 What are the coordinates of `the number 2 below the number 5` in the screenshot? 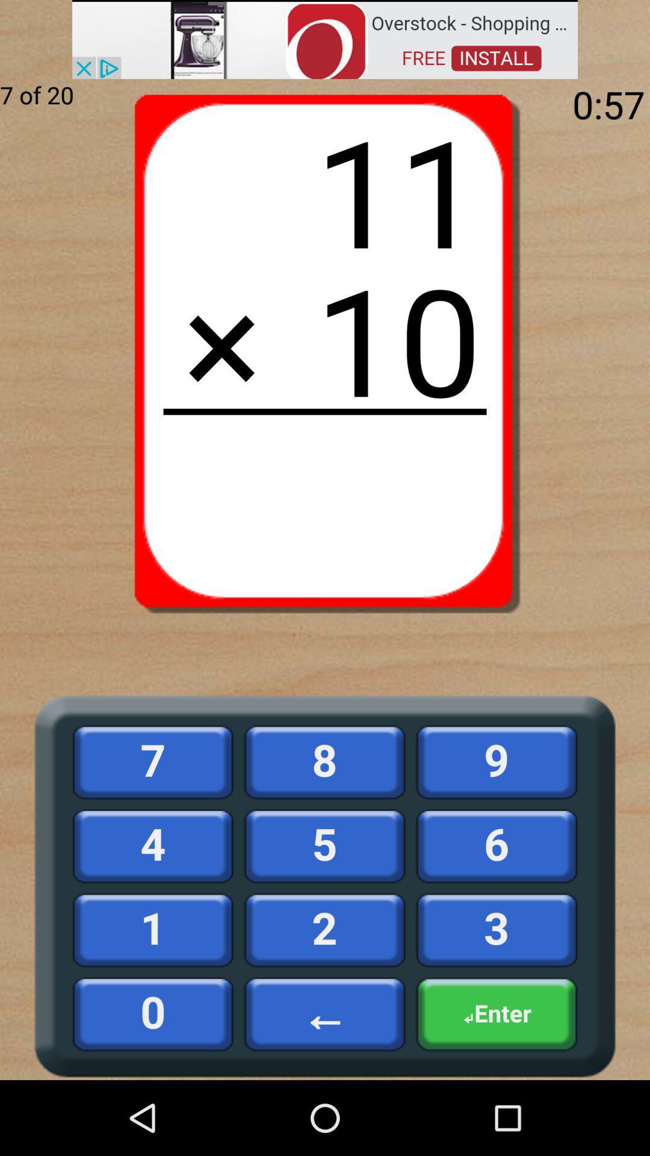 It's located at (325, 930).